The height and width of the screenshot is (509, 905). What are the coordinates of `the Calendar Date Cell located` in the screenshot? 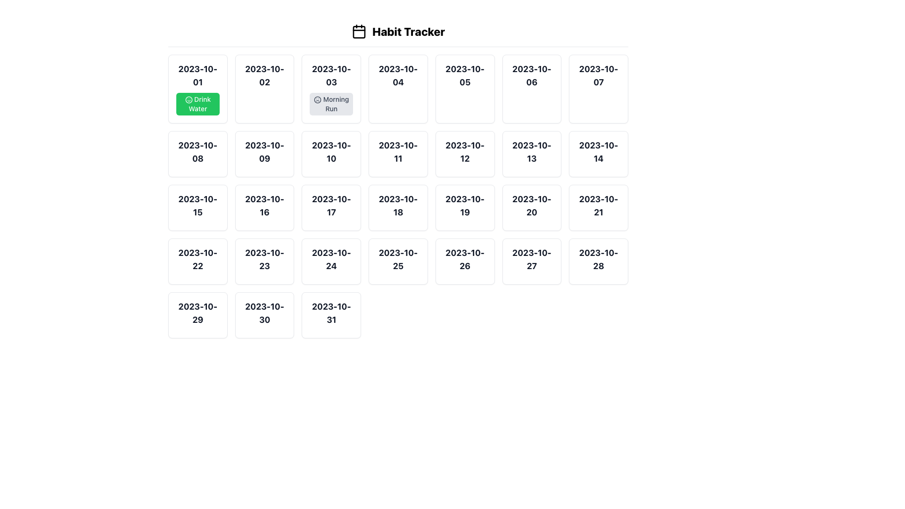 It's located at (197, 154).